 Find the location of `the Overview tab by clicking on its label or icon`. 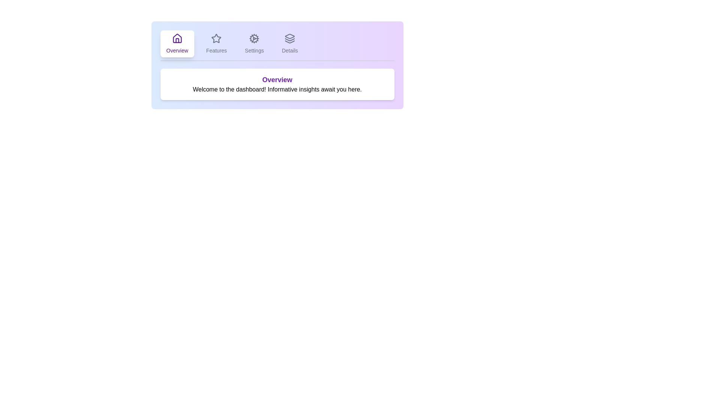

the Overview tab by clicking on its label or icon is located at coordinates (176, 43).